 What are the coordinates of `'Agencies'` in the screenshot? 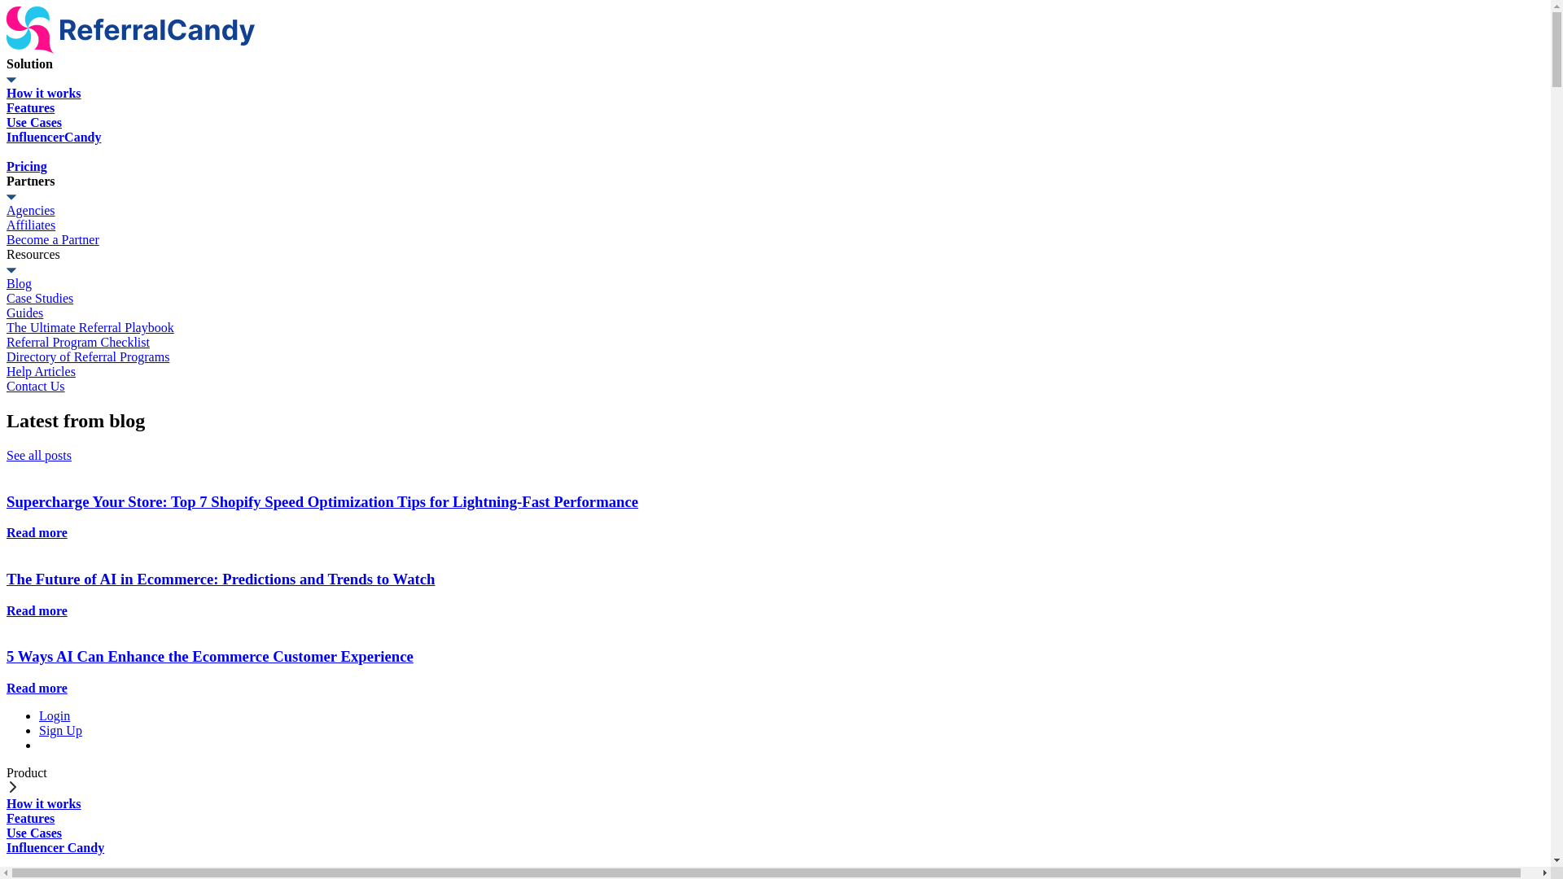 It's located at (7, 209).